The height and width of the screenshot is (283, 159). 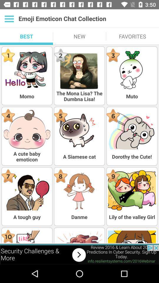 What do you see at coordinates (79, 254) in the screenshot?
I see `open advertisement` at bounding box center [79, 254].